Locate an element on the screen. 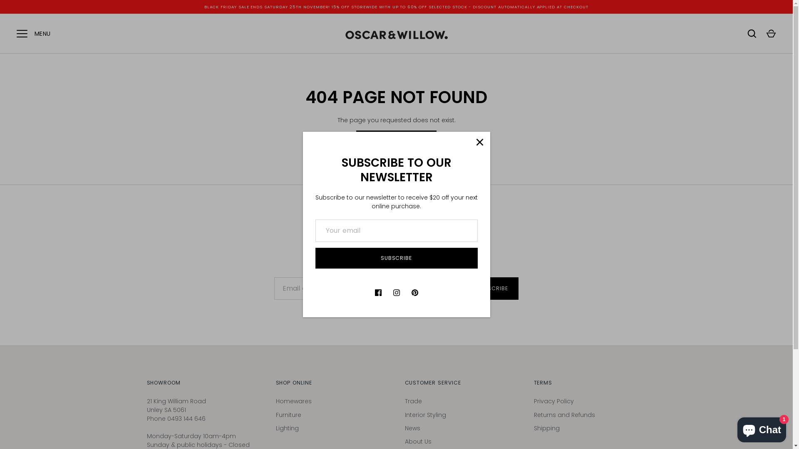 This screenshot has height=449, width=799. 'Returns and Refunds' is located at coordinates (564, 415).